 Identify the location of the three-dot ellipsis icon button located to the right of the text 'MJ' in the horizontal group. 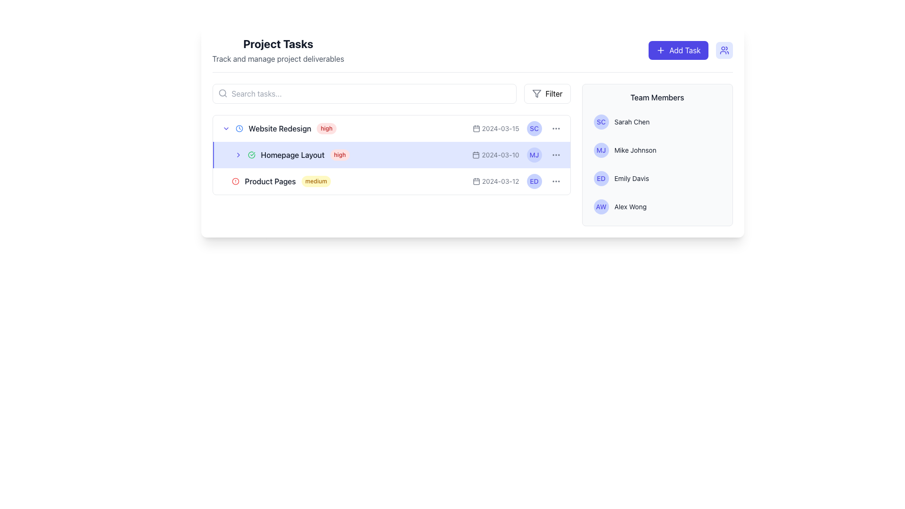
(556, 154).